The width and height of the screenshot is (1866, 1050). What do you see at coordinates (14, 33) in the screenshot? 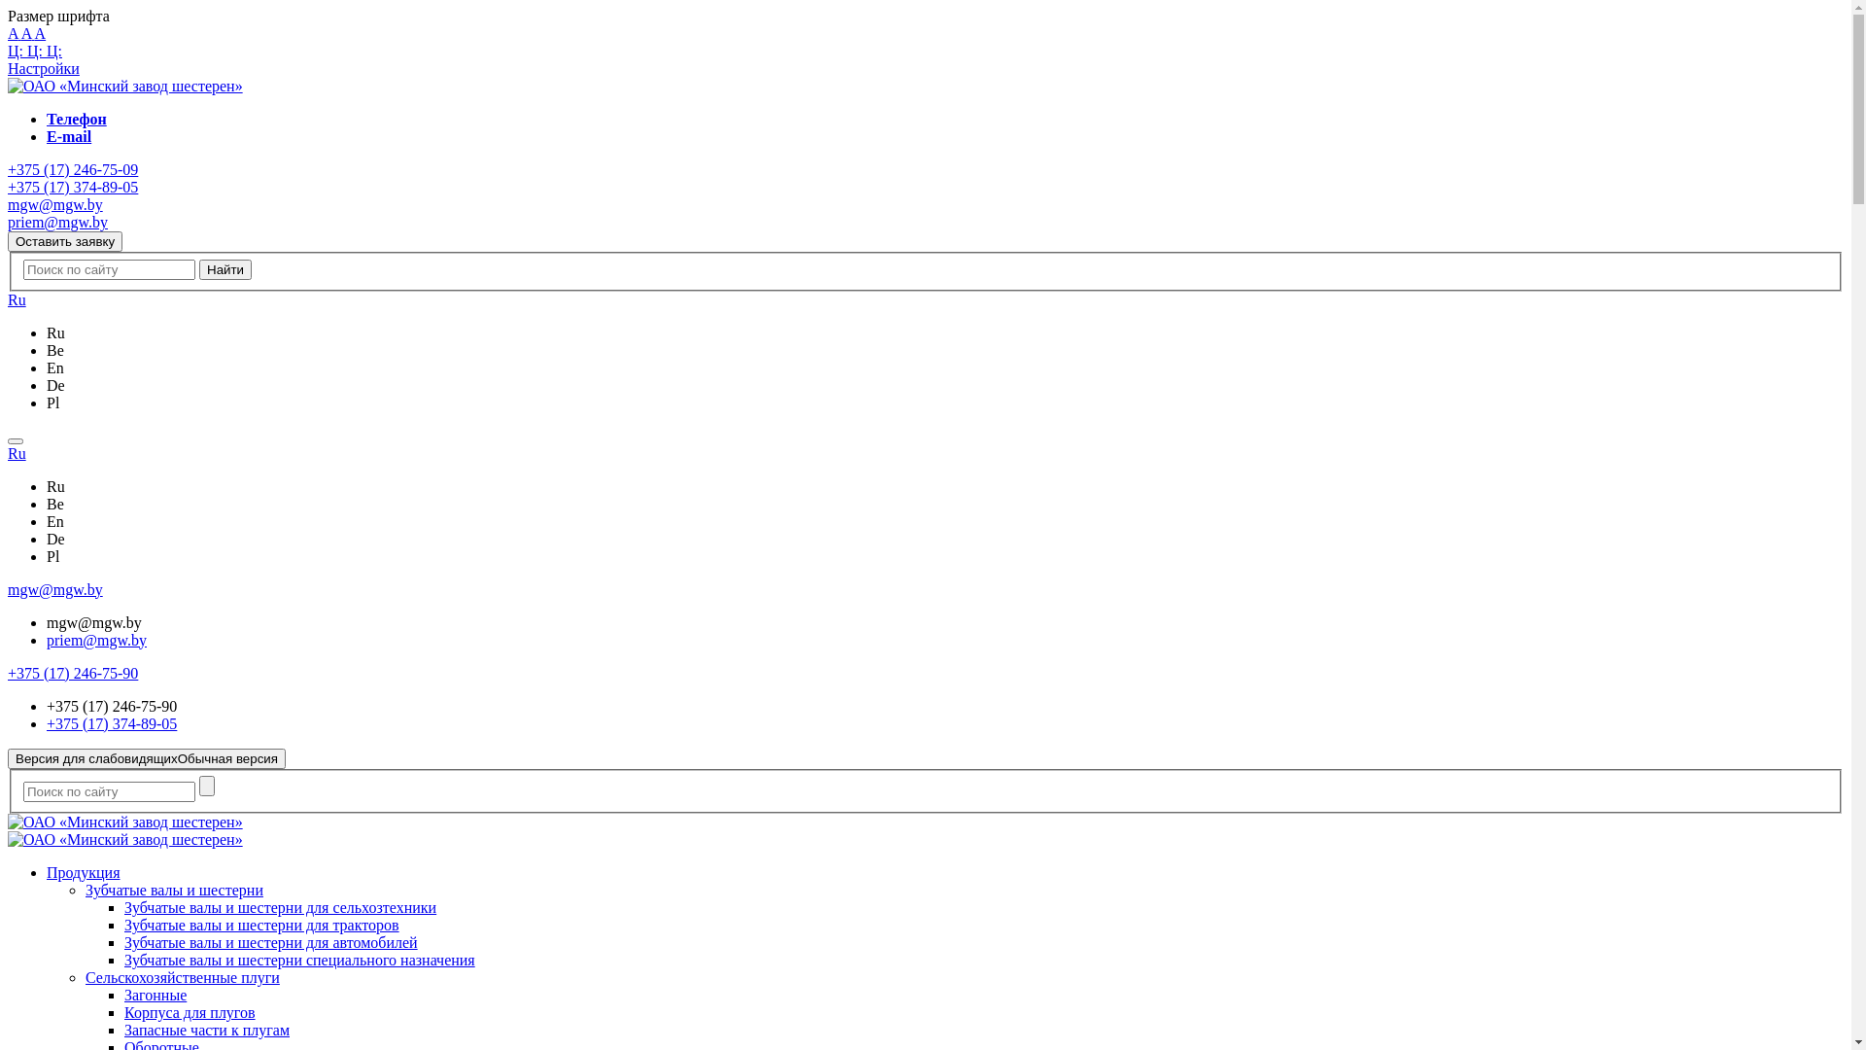
I see `'A'` at bounding box center [14, 33].